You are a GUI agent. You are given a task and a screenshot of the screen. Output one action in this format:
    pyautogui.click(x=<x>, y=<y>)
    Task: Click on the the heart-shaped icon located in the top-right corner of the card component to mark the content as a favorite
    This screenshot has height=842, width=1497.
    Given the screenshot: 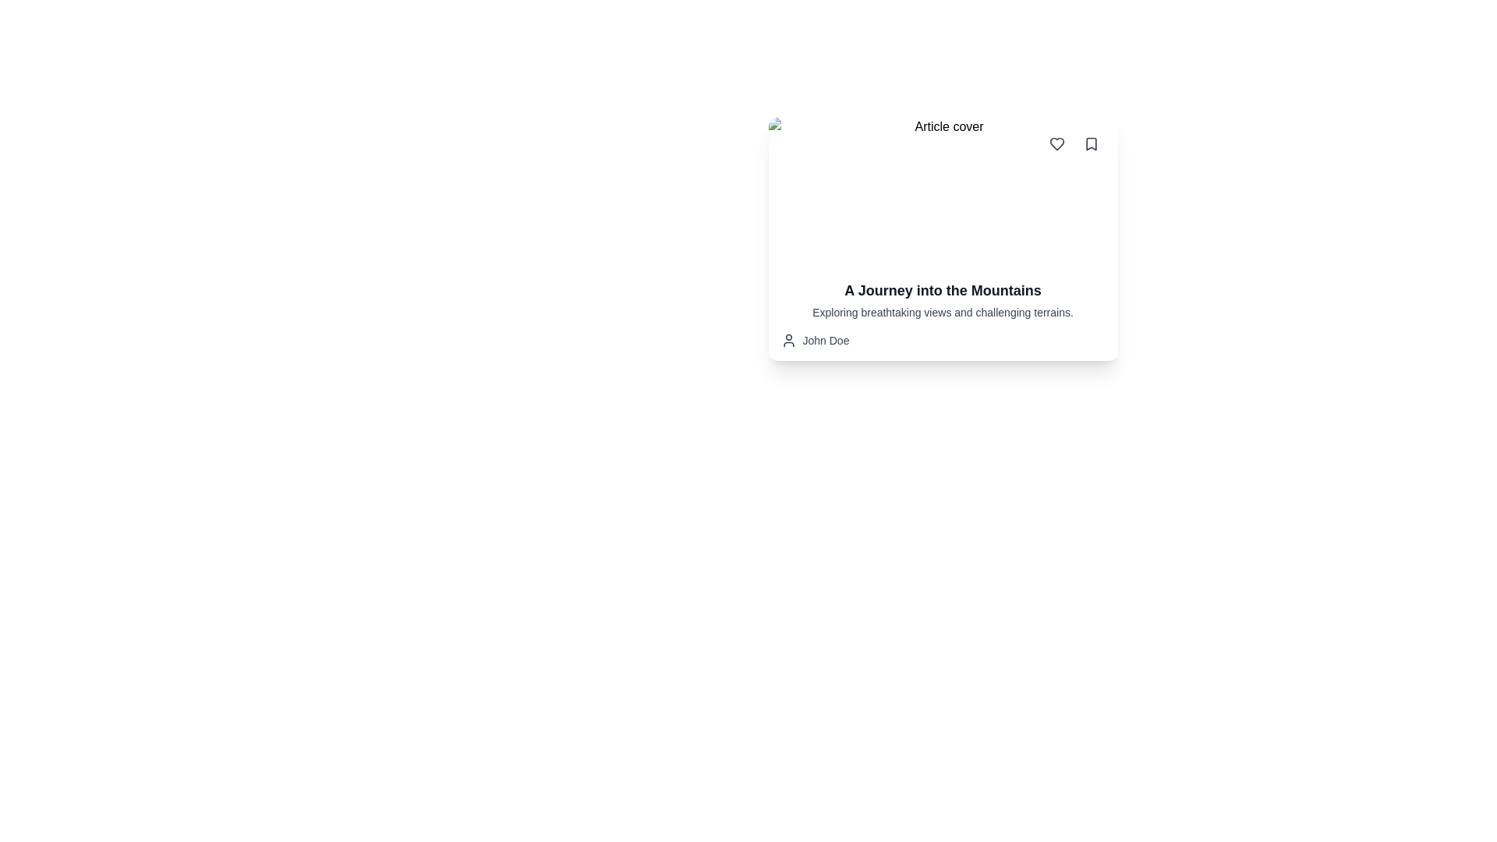 What is the action you would take?
    pyautogui.click(x=1056, y=144)
    